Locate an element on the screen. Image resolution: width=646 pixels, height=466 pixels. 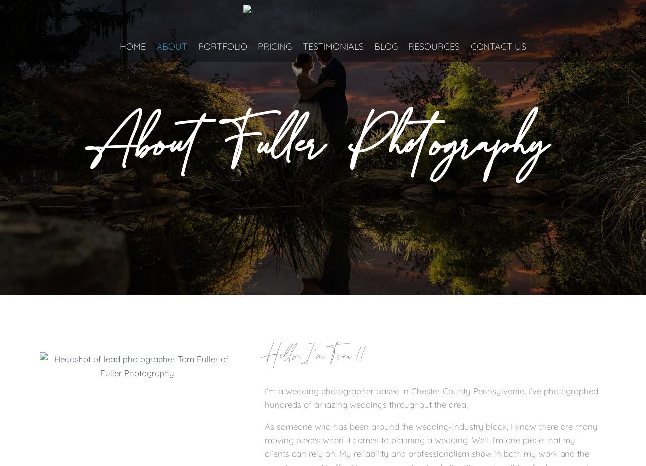
'Home' is located at coordinates (132, 46).